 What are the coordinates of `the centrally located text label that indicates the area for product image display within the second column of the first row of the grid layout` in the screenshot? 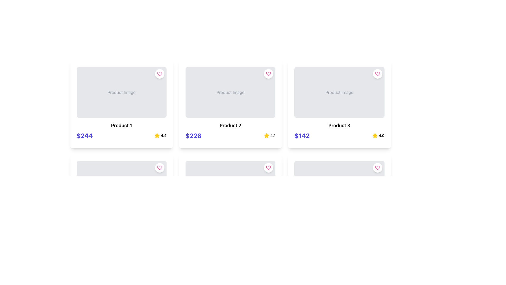 It's located at (230, 92).